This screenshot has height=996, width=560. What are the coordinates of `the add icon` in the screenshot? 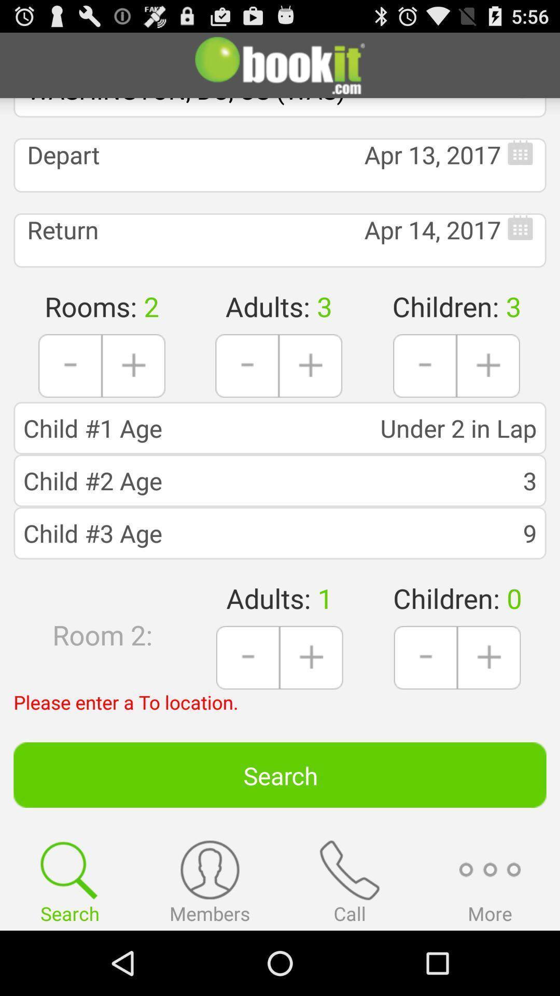 It's located at (311, 703).